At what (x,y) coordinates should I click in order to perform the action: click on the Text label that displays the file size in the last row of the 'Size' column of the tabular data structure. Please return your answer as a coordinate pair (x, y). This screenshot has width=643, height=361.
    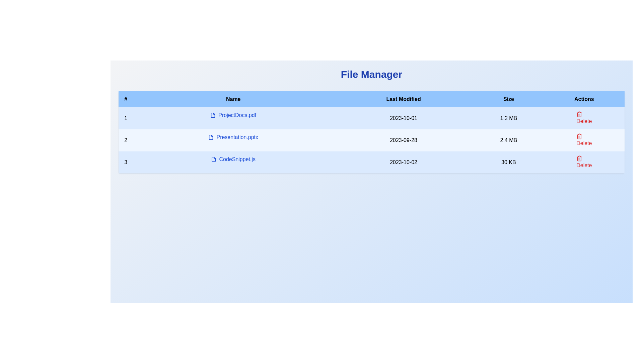
    Looking at the image, I should click on (508, 162).